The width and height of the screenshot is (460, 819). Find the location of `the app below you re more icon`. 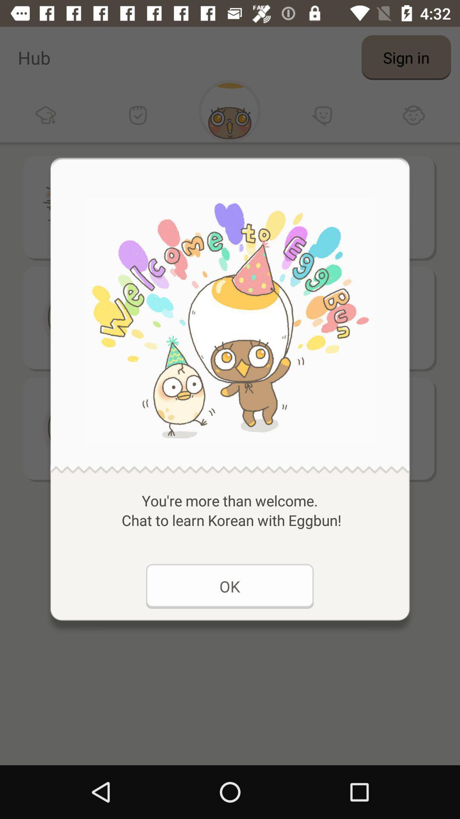

the app below you re more icon is located at coordinates (229, 586).